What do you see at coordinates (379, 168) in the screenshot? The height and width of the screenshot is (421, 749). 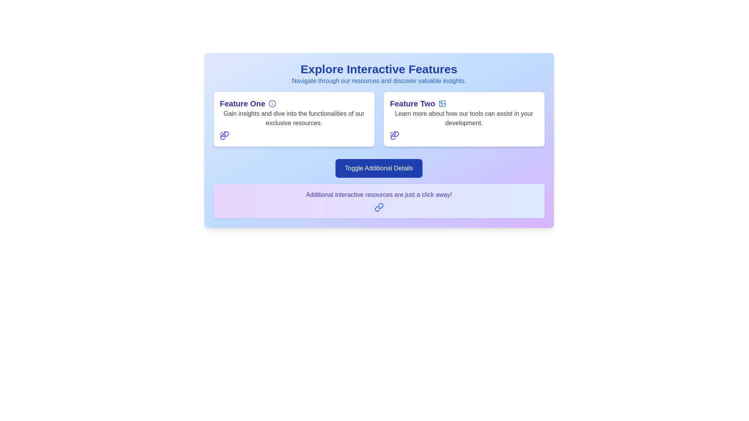 I see `the prominently styled button labeled 'Toggle Additional Details' to observe its hover effect` at bounding box center [379, 168].